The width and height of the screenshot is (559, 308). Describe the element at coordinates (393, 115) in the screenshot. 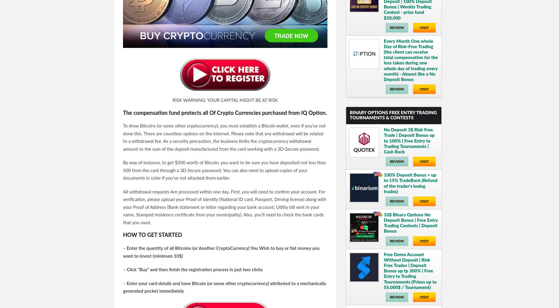

I see `'Binary Options Free Entry Trading Tournaments & Contests'` at that location.